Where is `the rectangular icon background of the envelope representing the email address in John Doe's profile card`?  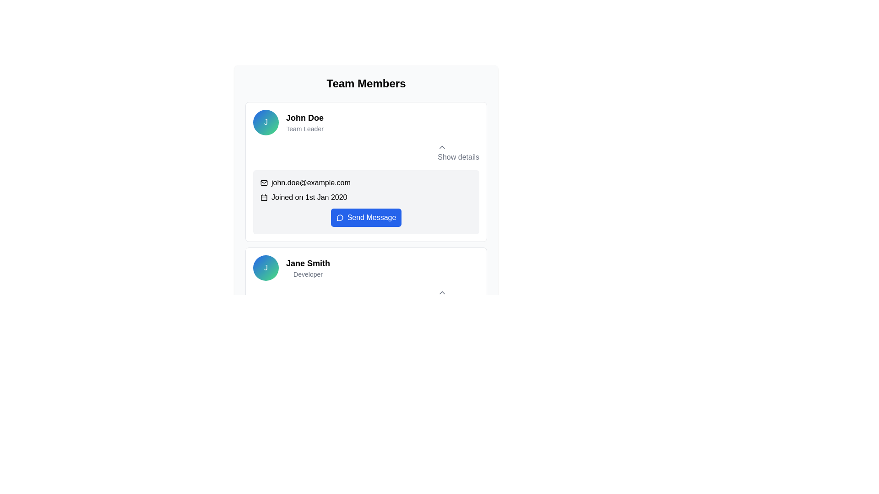
the rectangular icon background of the envelope representing the email address in John Doe's profile card is located at coordinates (263, 183).